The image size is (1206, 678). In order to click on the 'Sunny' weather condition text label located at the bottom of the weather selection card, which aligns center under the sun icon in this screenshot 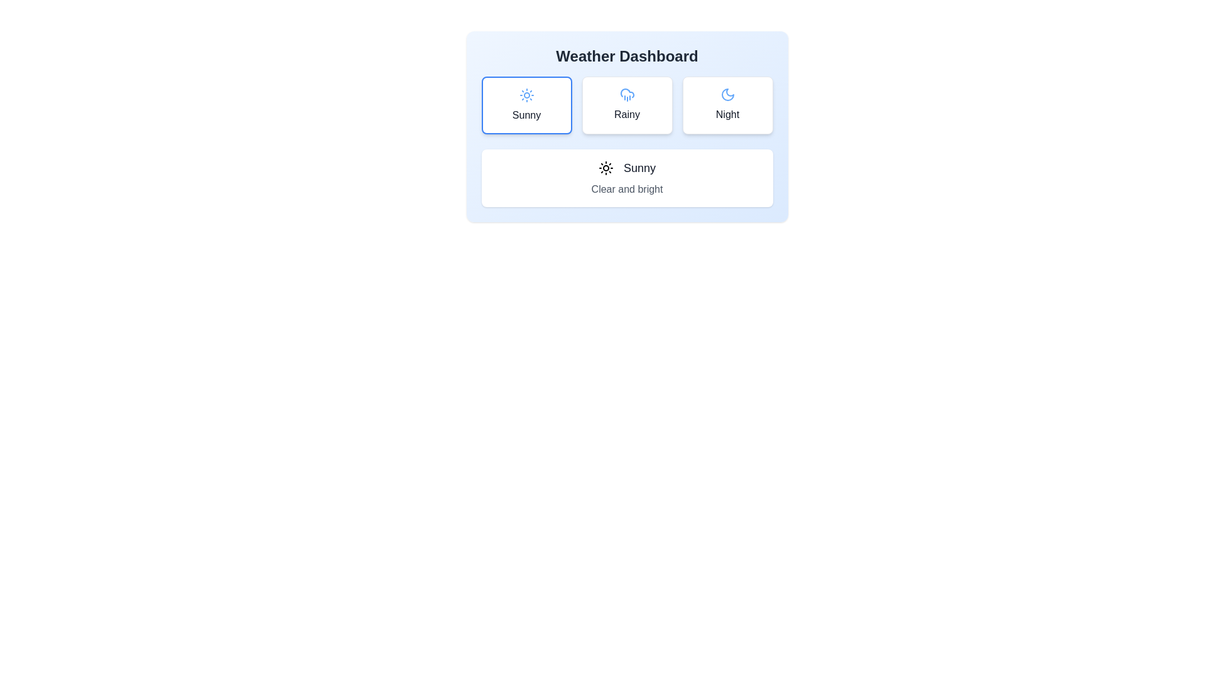, I will do `click(526, 116)`.